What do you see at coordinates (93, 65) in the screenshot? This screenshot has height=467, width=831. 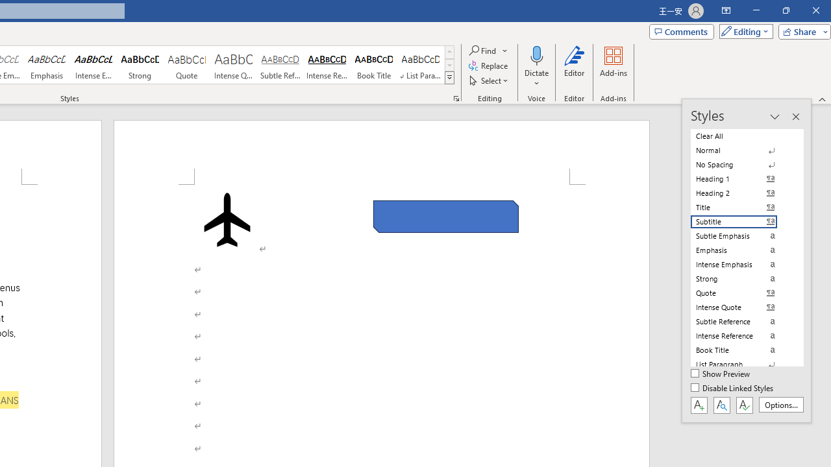 I see `'Intense Emphasis'` at bounding box center [93, 65].